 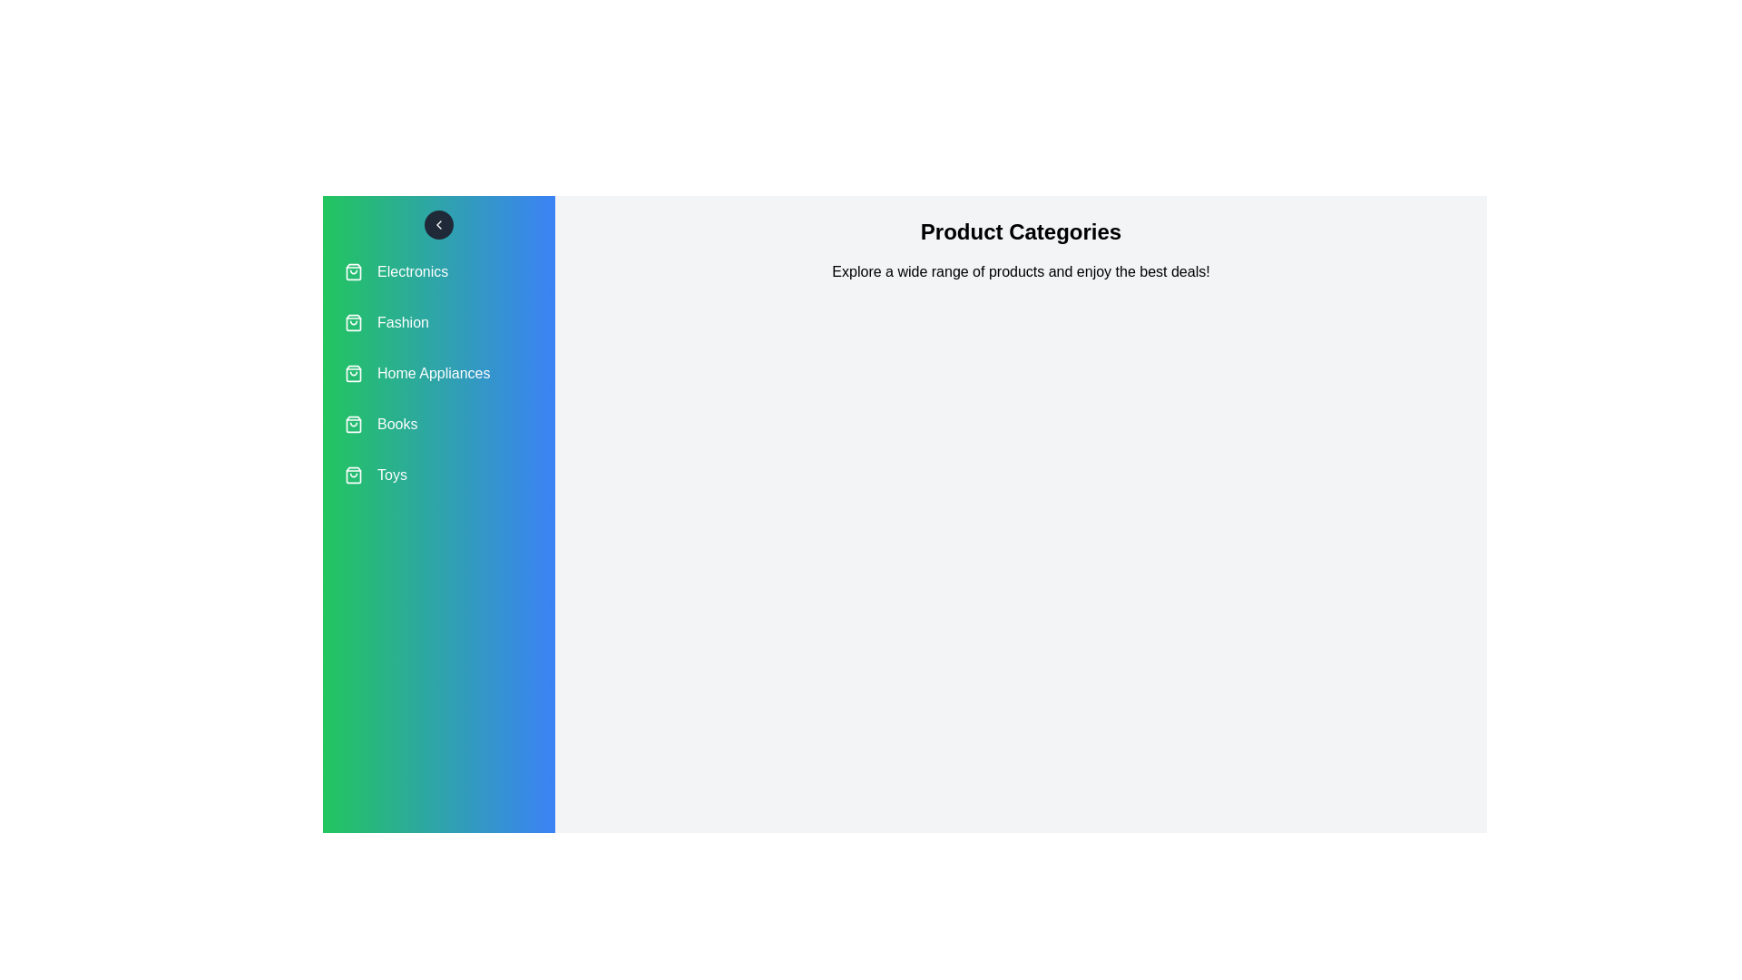 I want to click on the icon associated with the category Fashion, so click(x=353, y=321).